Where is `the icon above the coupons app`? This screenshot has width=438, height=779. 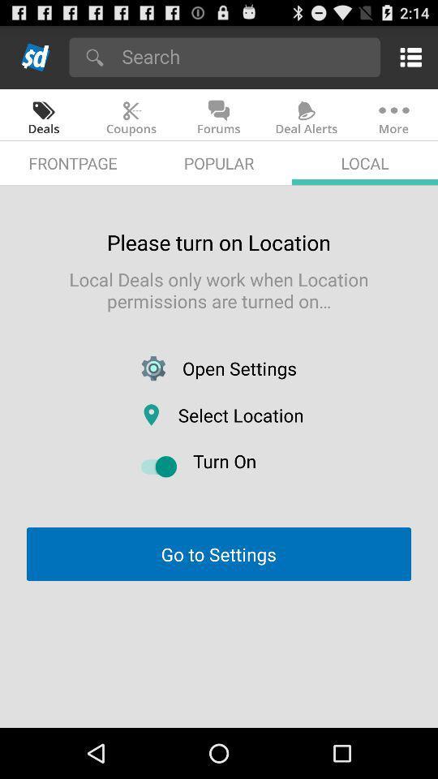
the icon above the coupons app is located at coordinates (245, 56).